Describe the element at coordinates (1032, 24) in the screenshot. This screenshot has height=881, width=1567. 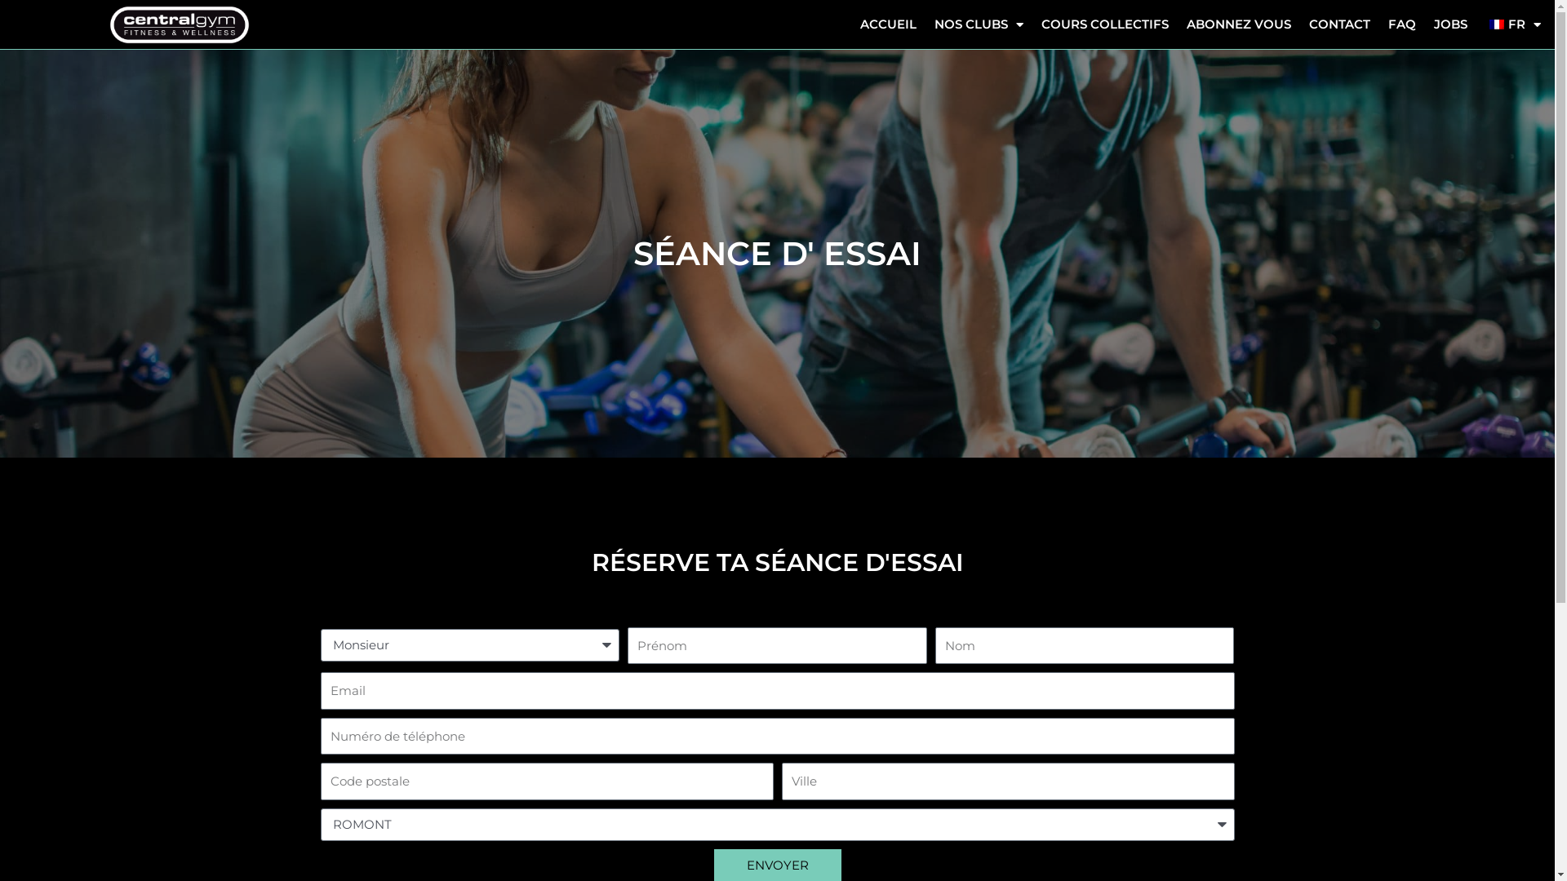
I see `'COURS COLLECTIFS'` at that location.